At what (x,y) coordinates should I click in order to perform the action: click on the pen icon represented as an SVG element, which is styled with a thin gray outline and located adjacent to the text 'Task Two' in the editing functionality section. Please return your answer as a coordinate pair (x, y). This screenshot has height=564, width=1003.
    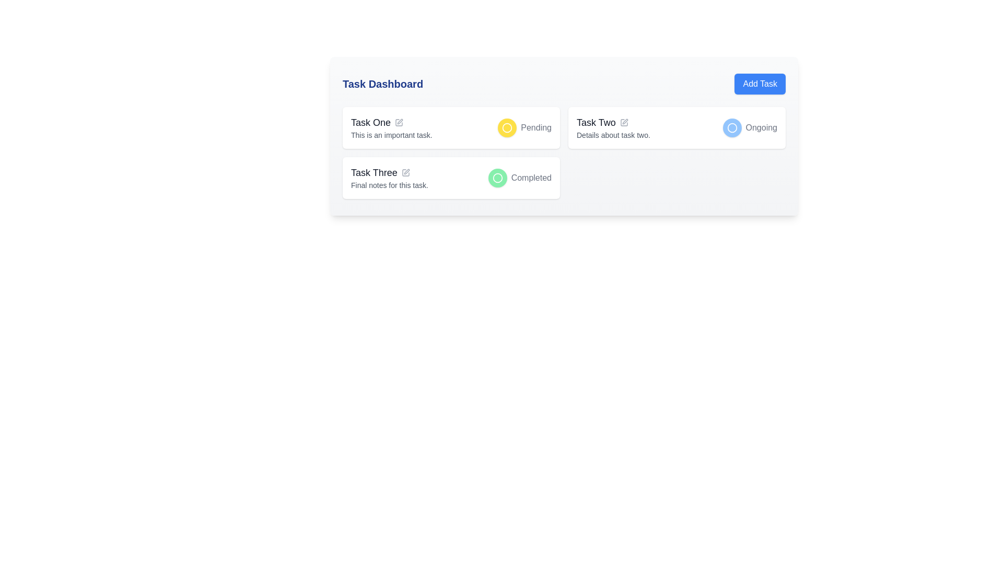
    Looking at the image, I should click on (625, 121).